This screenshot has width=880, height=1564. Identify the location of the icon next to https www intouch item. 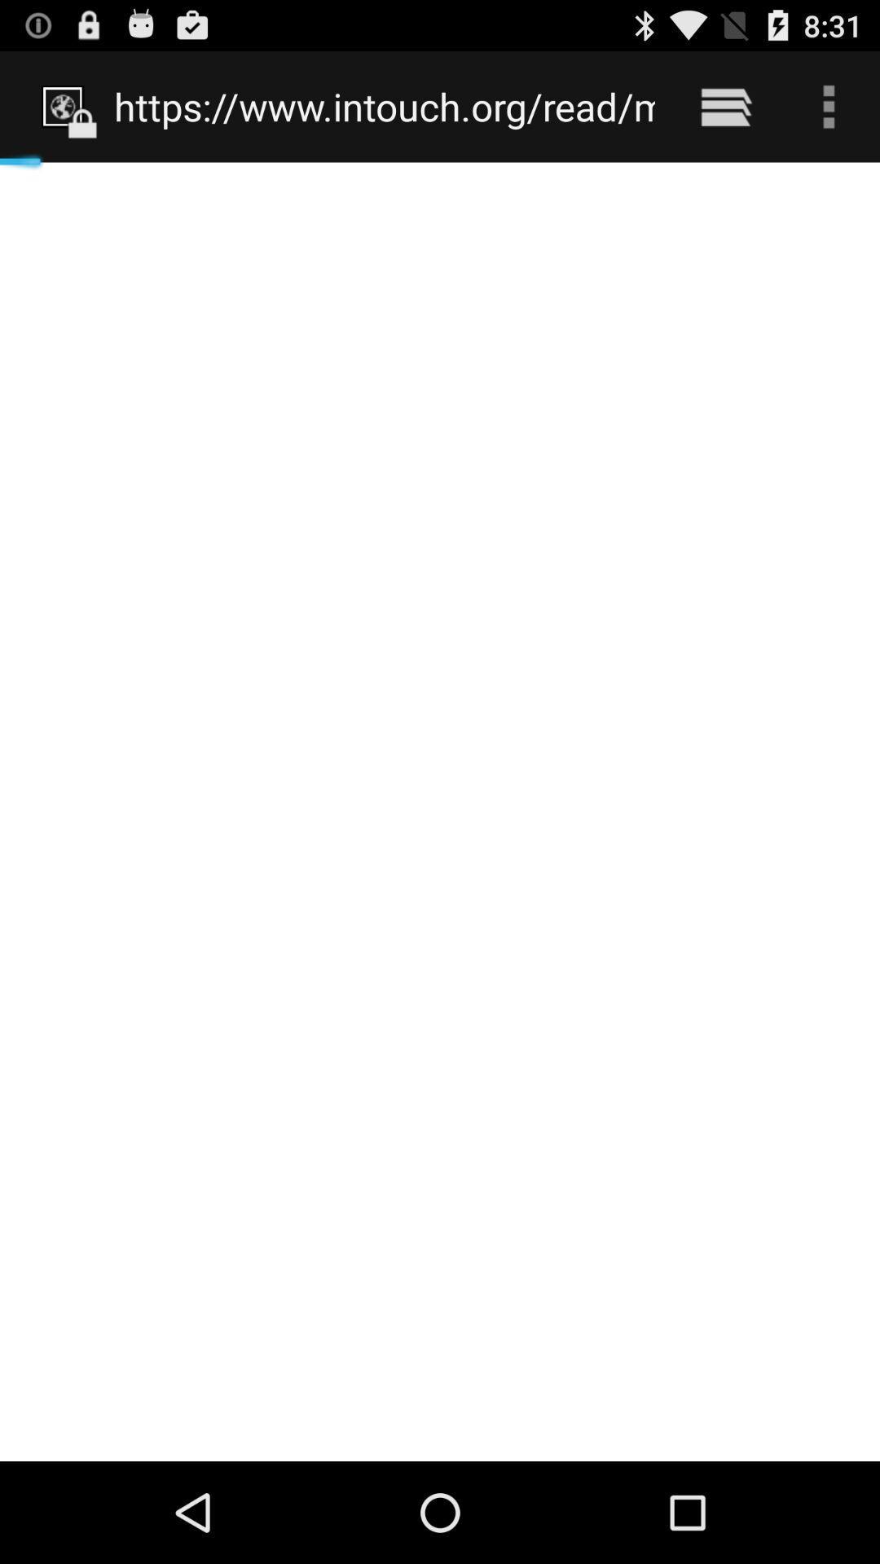
(725, 106).